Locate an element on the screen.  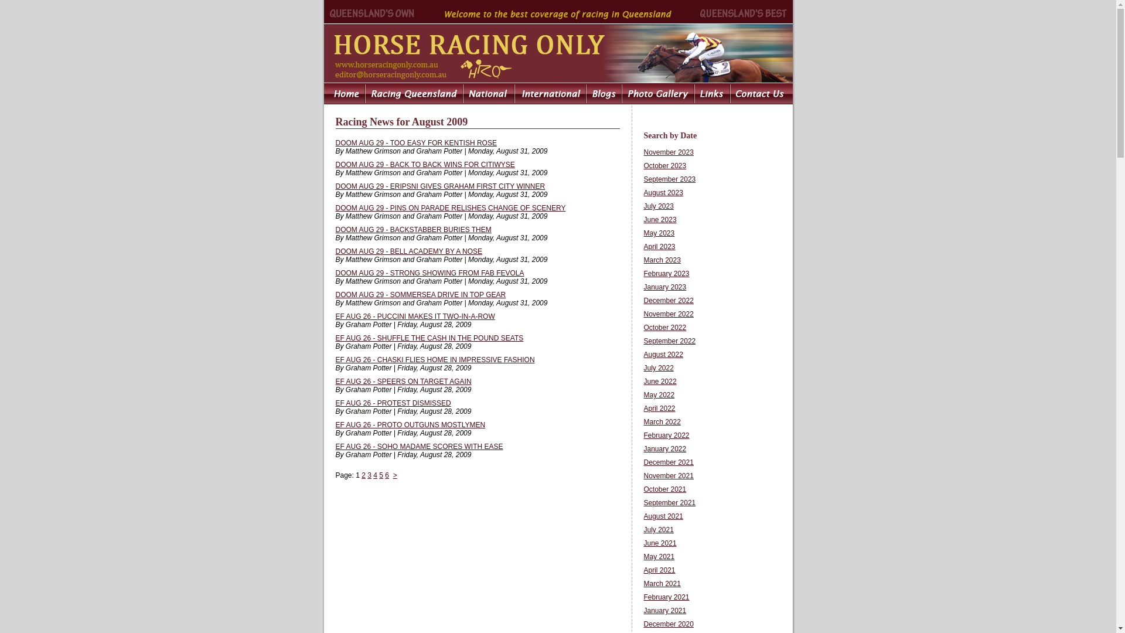
'February 2021' is located at coordinates (666, 597).